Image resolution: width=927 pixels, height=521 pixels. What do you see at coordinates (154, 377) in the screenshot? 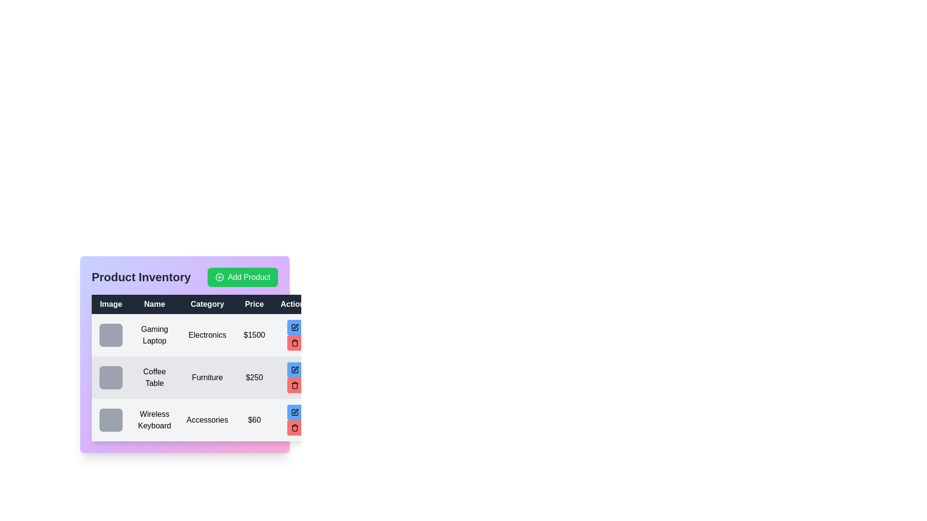
I see `the static text label that displays 'Coffee Table' in black font, located in the second row of the table under the 'Name' column` at bounding box center [154, 377].